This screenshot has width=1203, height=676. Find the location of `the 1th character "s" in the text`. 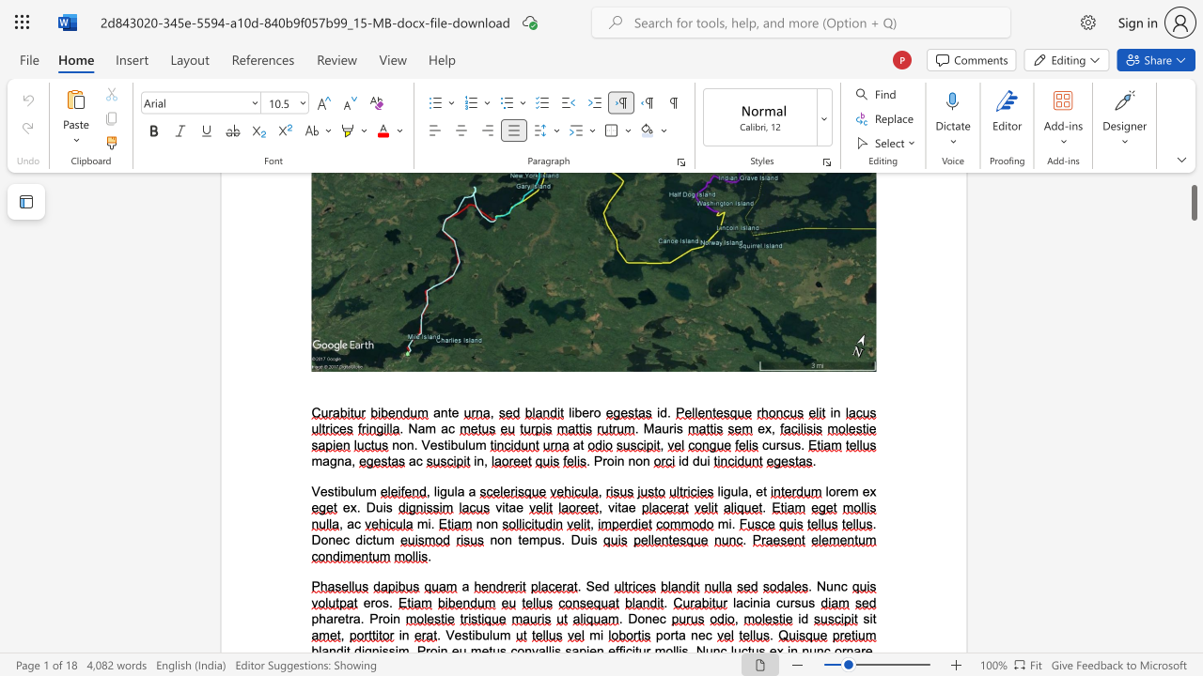

the 1th character "s" in the text is located at coordinates (331, 490).